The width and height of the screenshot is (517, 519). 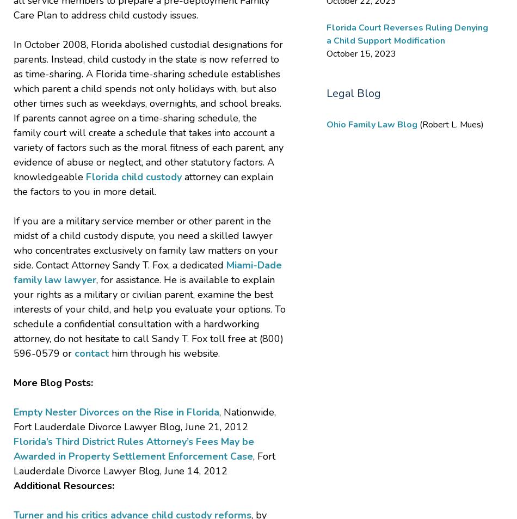 What do you see at coordinates (13, 463) in the screenshot?
I see `', Fort Lauderdale Divorce Lawyer Blog, June 14, 2012'` at bounding box center [13, 463].